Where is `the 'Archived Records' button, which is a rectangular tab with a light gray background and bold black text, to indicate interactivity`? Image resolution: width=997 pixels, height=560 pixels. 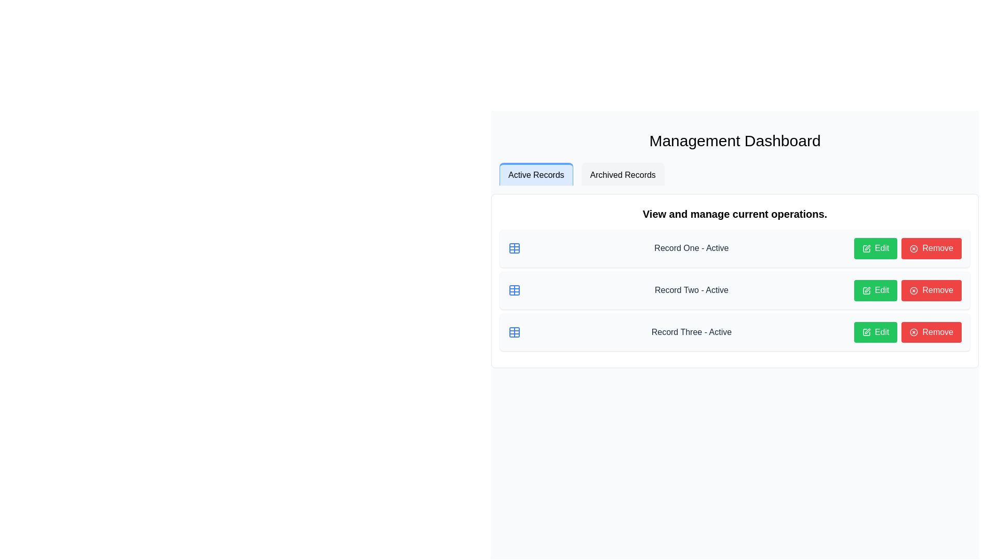
the 'Archived Records' button, which is a rectangular tab with a light gray background and bold black text, to indicate interactivity is located at coordinates (623, 173).